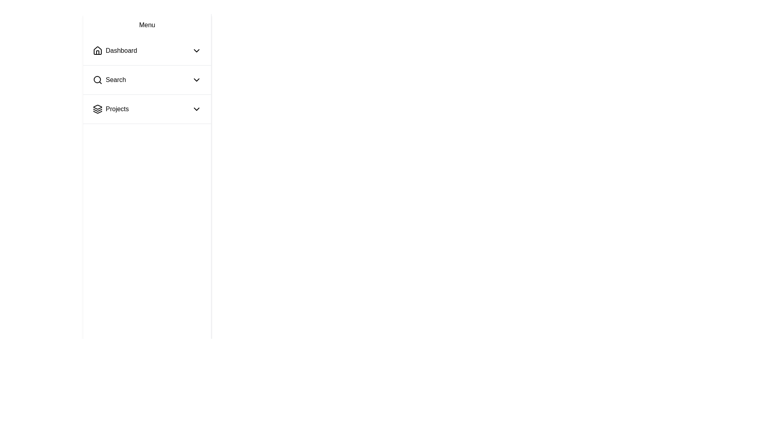 The height and width of the screenshot is (432, 769). I want to click on the circular magnifying glass icon located to the left of the 'Search' label in the vertical menu structure, so click(97, 80).